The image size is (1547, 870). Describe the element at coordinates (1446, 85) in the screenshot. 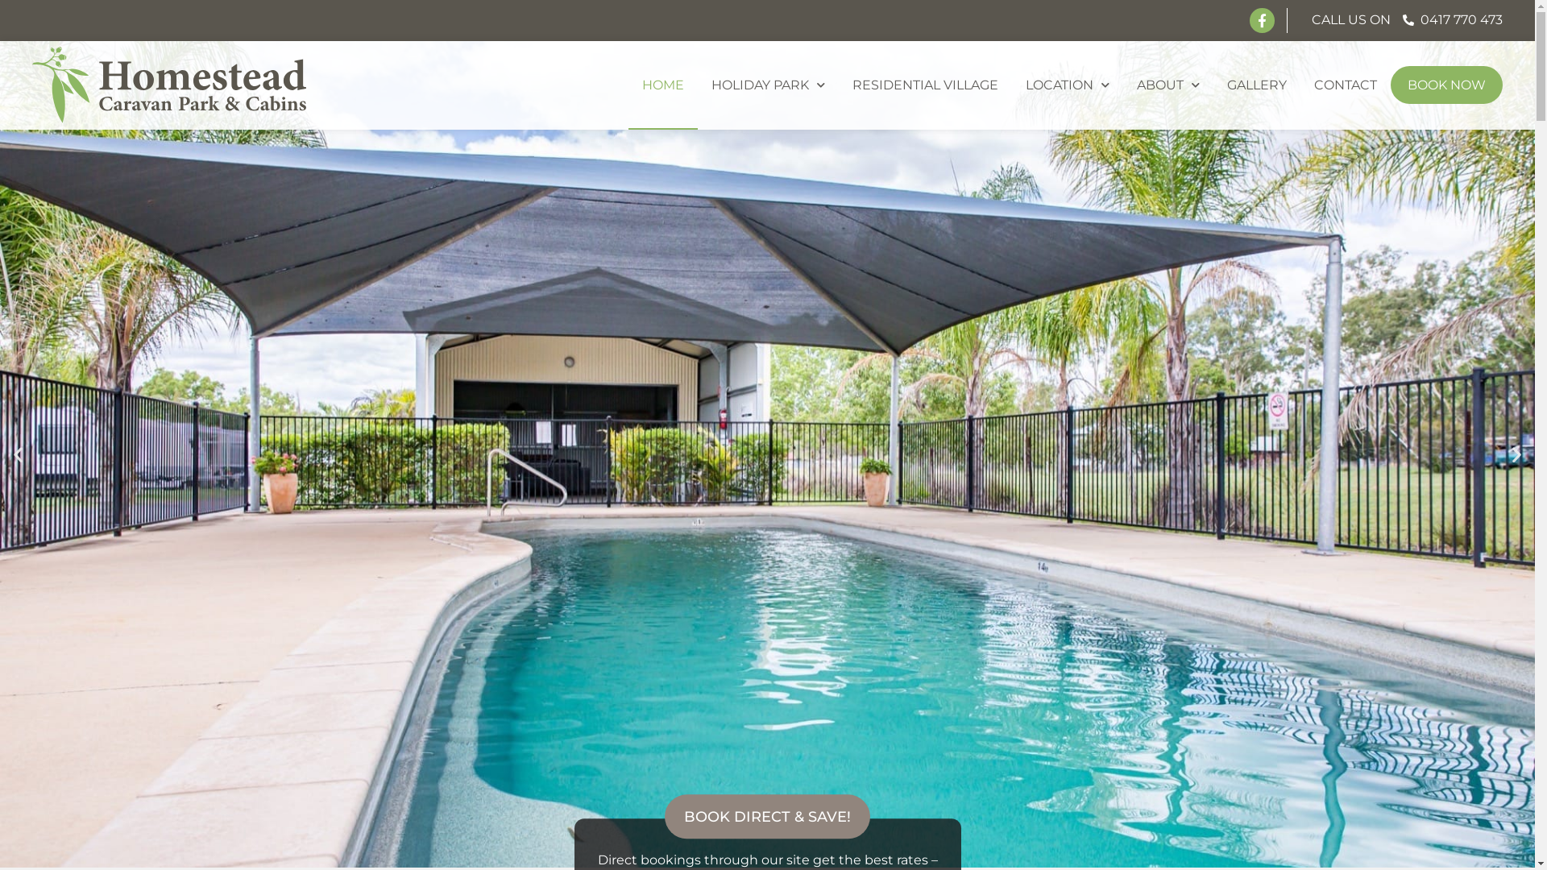

I see `'BOOK NOW'` at that location.